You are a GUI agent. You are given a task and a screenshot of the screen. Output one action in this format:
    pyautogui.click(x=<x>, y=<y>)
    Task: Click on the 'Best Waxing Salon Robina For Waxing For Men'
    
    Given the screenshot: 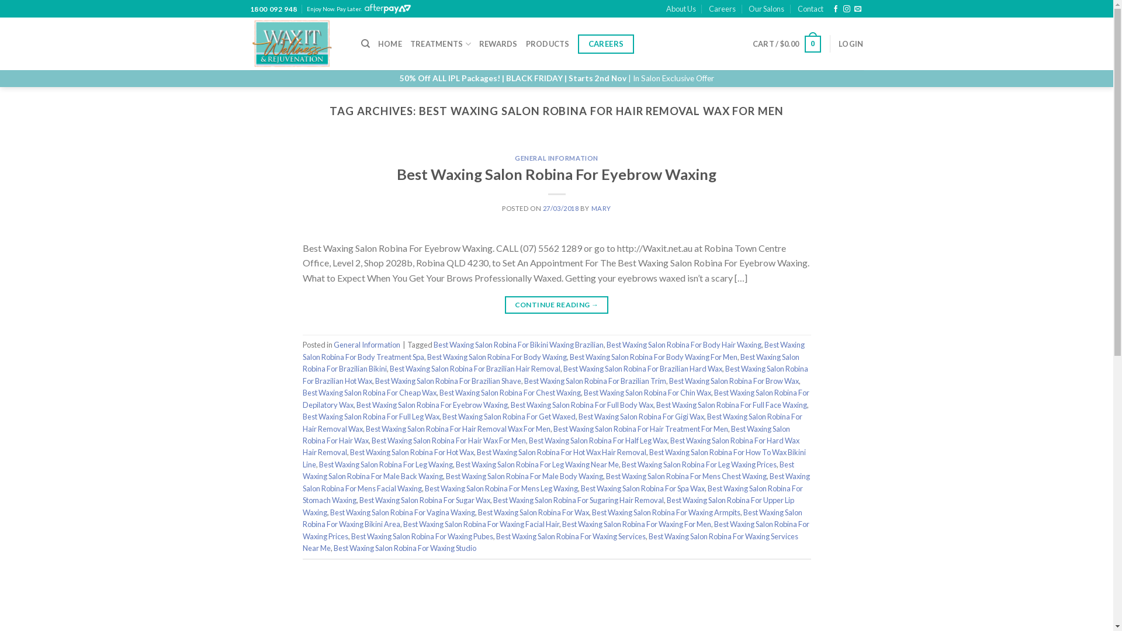 What is the action you would take?
    pyautogui.click(x=636, y=523)
    